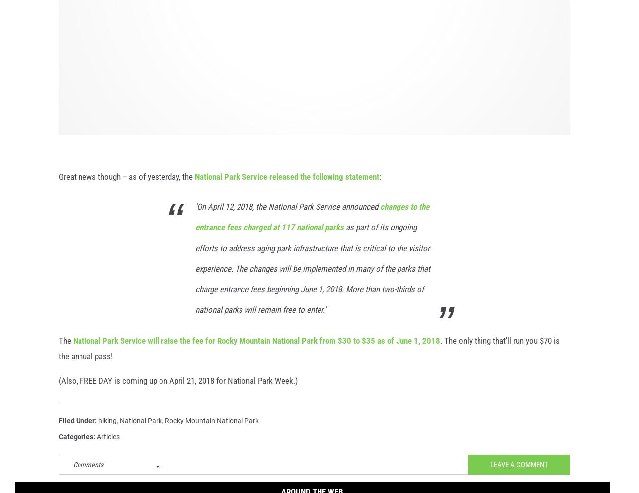  Describe the element at coordinates (194, 188) in the screenshot. I see `'National Park Service released the following statement'` at that location.